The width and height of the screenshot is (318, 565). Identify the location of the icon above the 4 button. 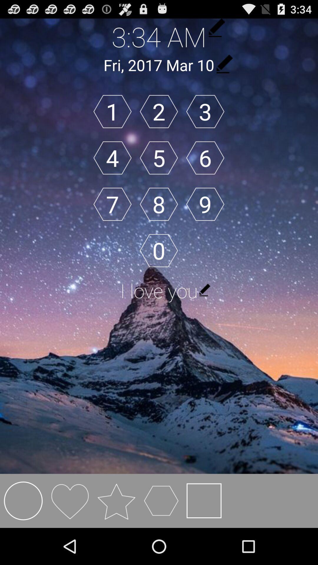
(112, 112).